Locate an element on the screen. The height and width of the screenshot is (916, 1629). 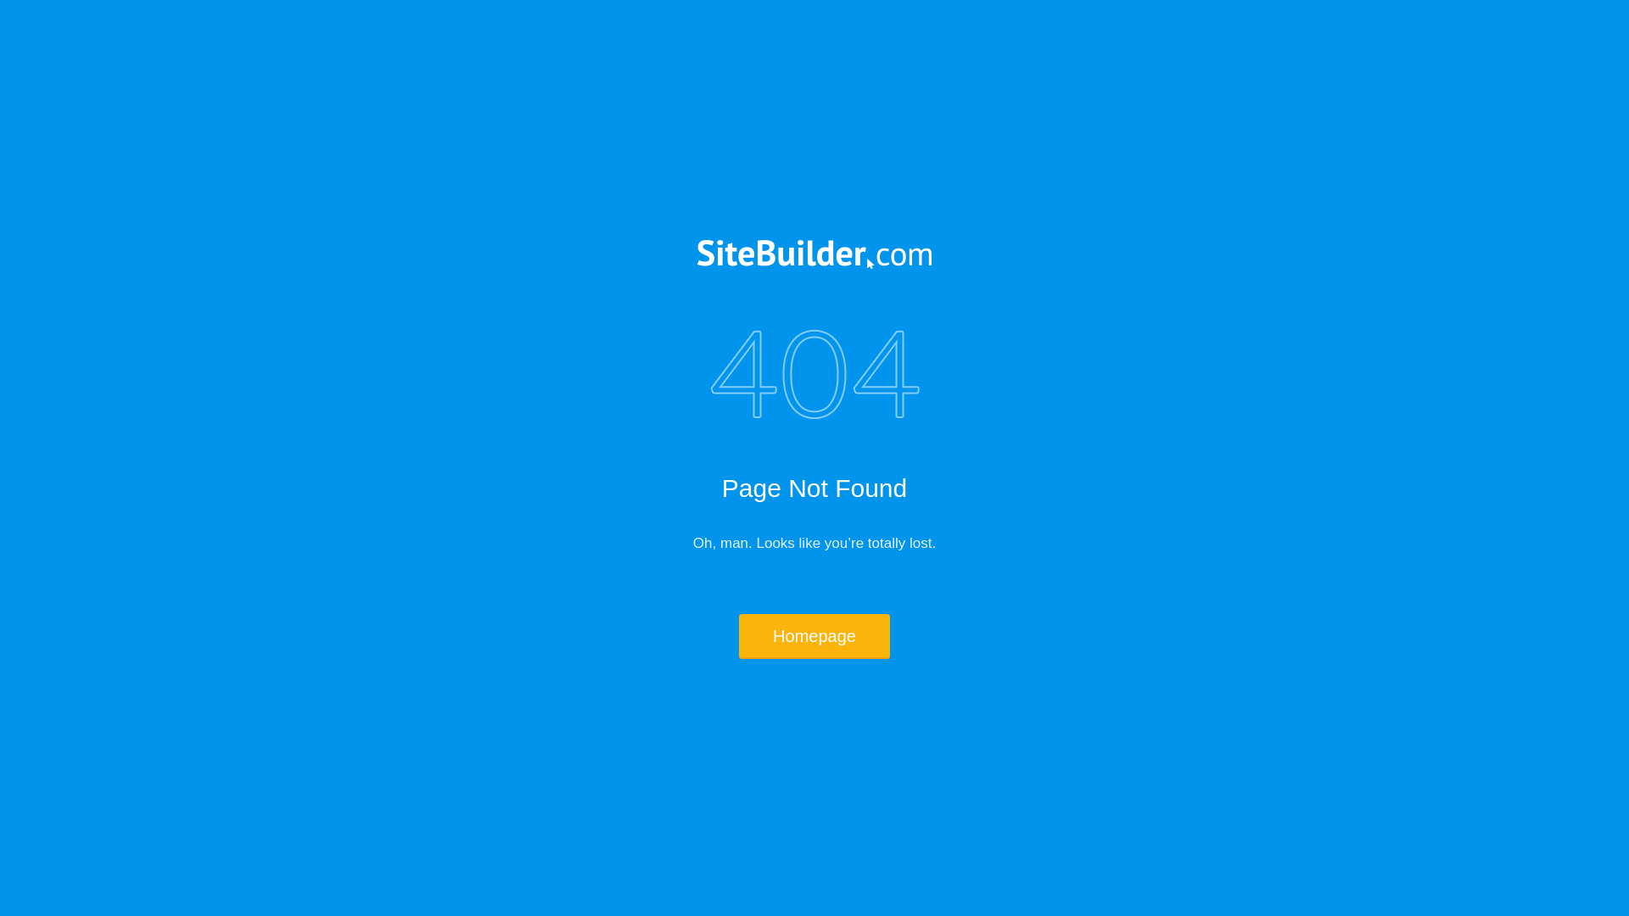
'Homepage' is located at coordinates (814, 636).